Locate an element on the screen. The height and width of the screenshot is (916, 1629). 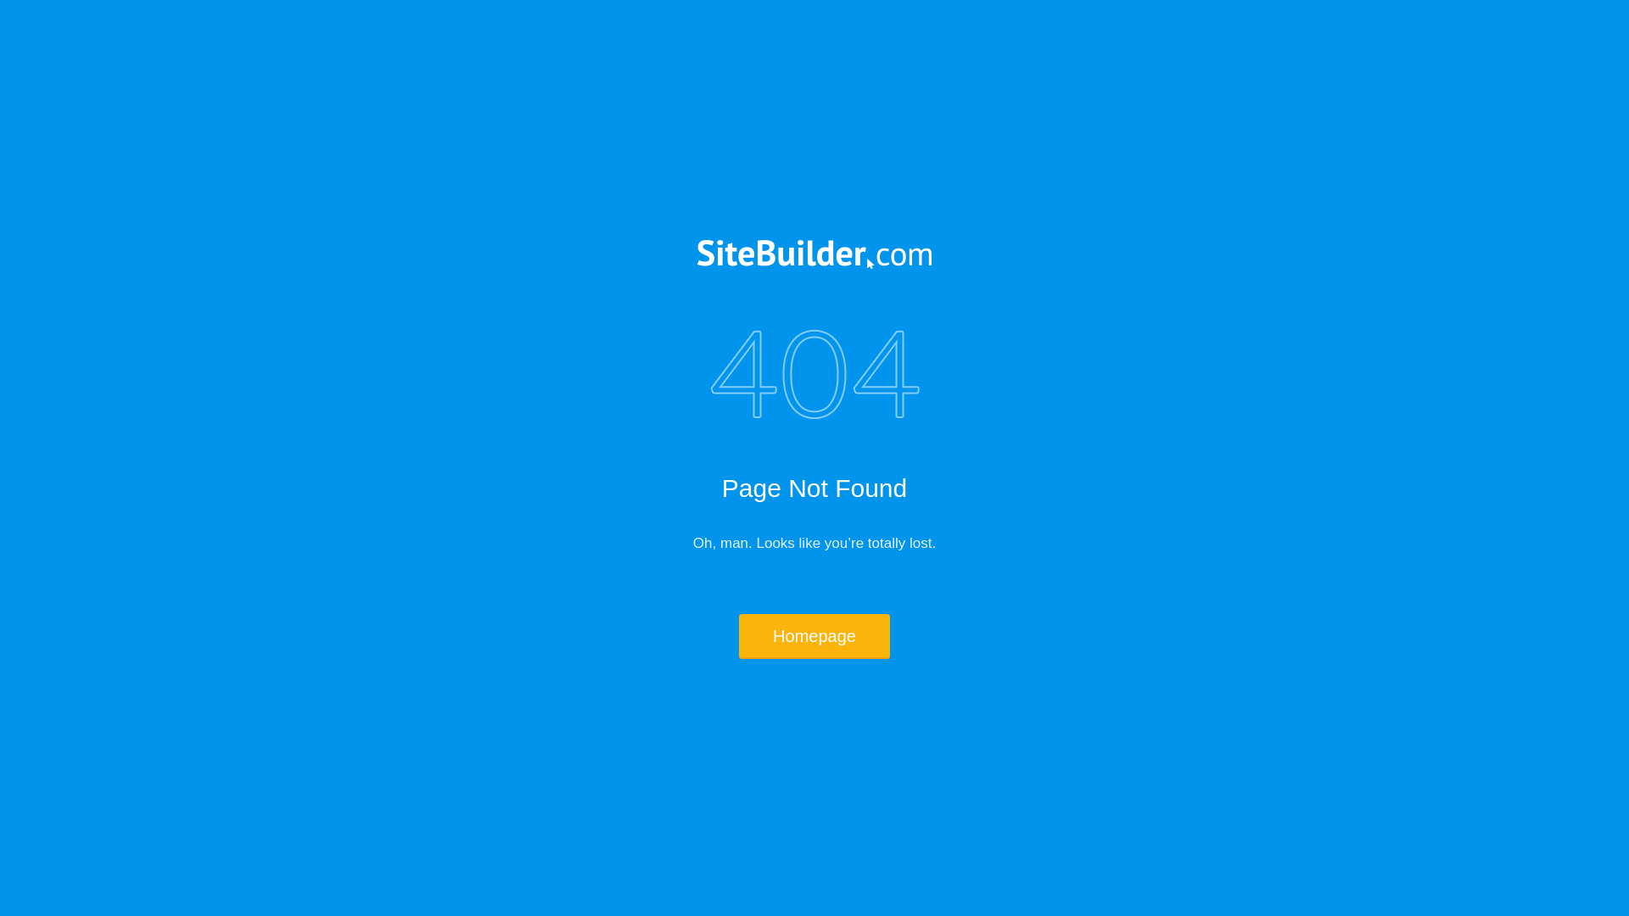
'Homepage' is located at coordinates (814, 636).